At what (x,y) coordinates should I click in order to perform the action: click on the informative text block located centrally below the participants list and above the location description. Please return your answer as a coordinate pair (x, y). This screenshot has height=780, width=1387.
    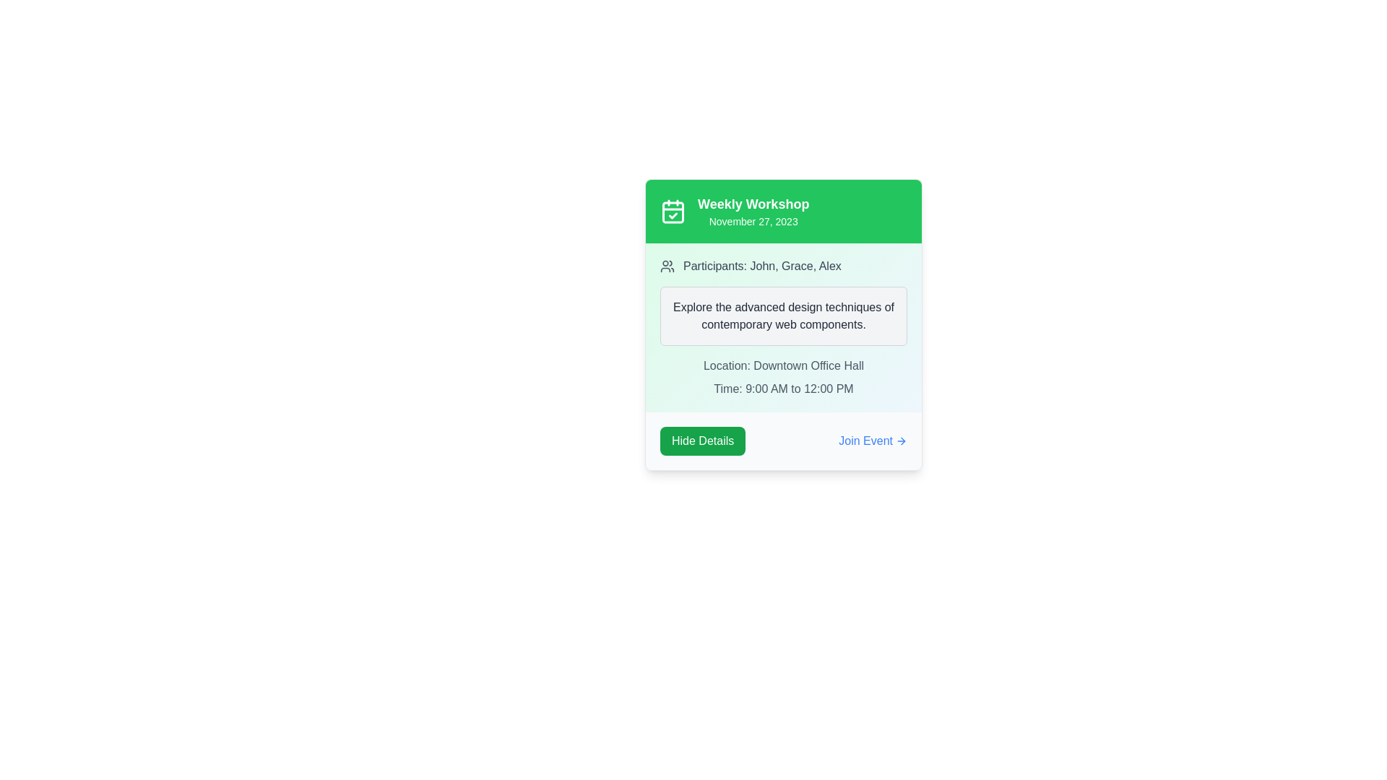
    Looking at the image, I should click on (782, 316).